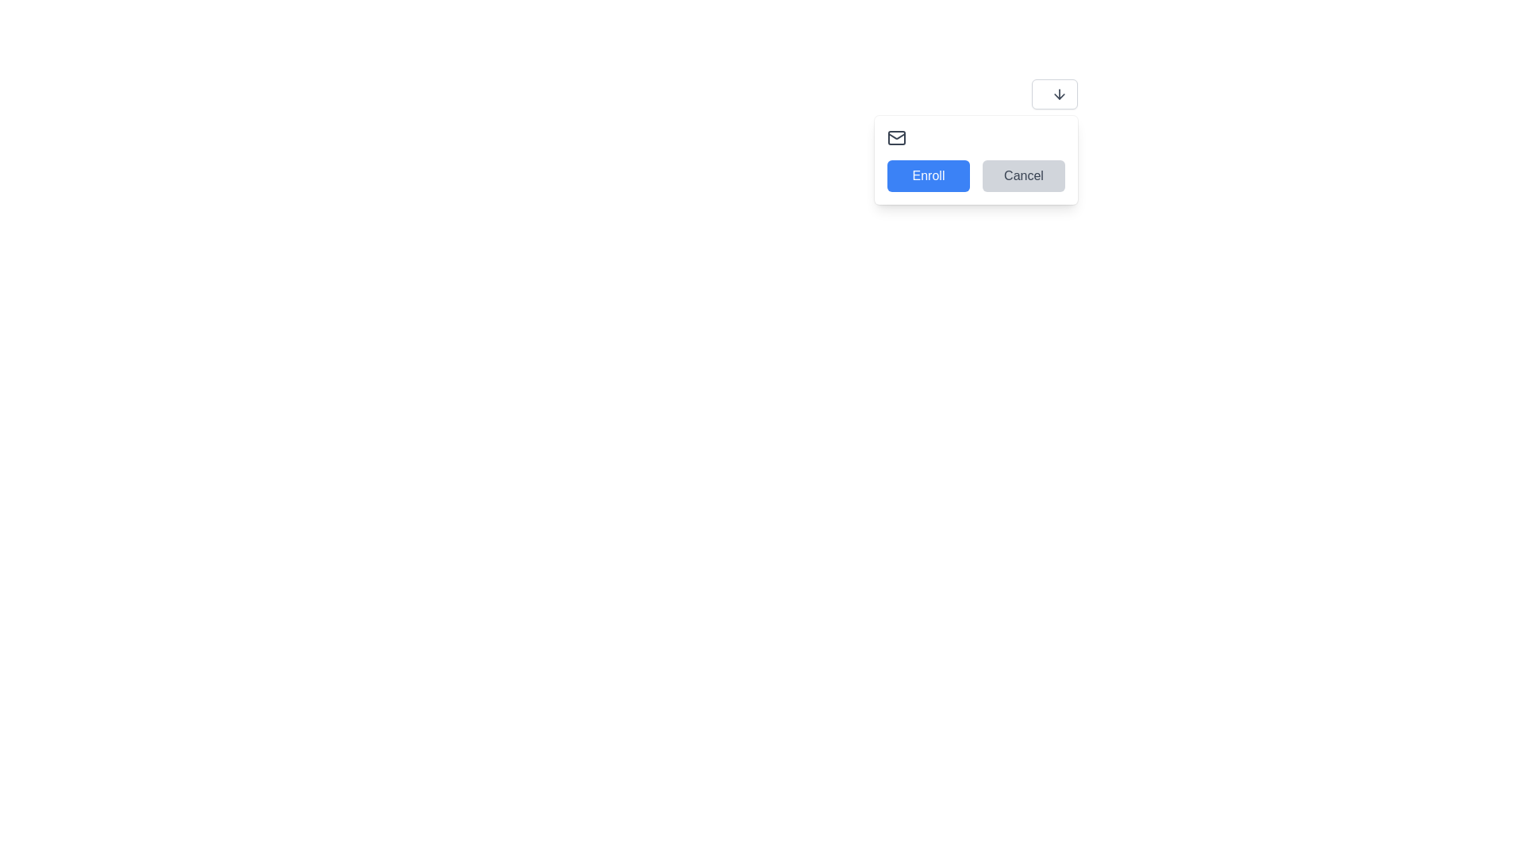 The image size is (1524, 857). I want to click on the email icon, which is styled with a black outline and white fill resembling an envelope, located at the top-left corner of the popup before the text component, so click(896, 136).